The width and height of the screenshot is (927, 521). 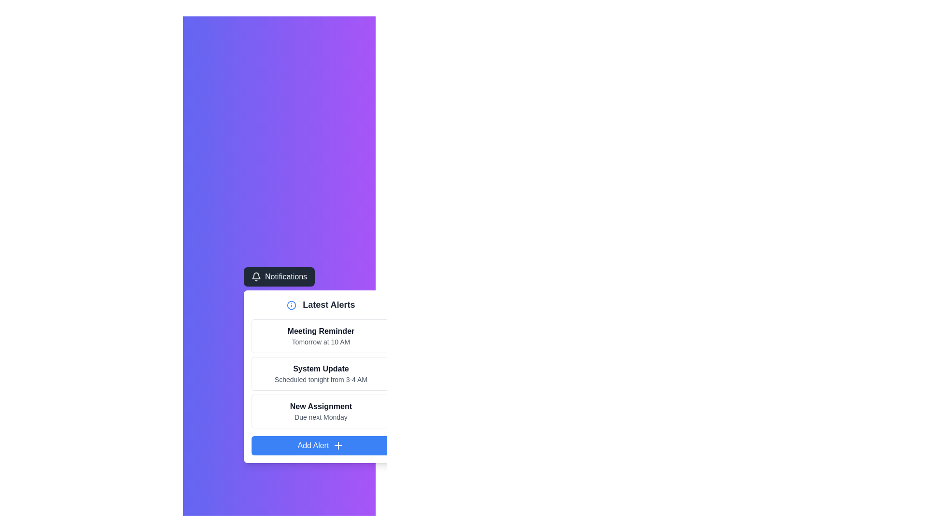 I want to click on the plus icon with a blue background and white stroke, located in the 'Add Alert' button at the bottom of the alert information panel, so click(x=338, y=446).